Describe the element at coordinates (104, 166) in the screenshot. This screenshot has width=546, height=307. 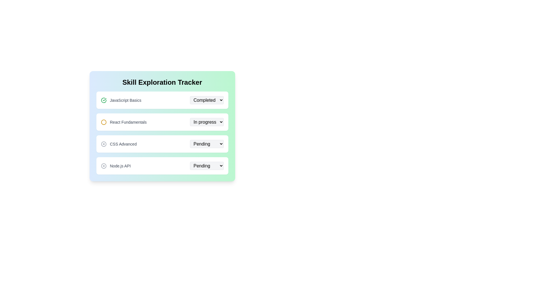
I see `the cancel icon located at the extreme left of the 'Node.js API' row in the Skill Exploration Tracker module` at that location.